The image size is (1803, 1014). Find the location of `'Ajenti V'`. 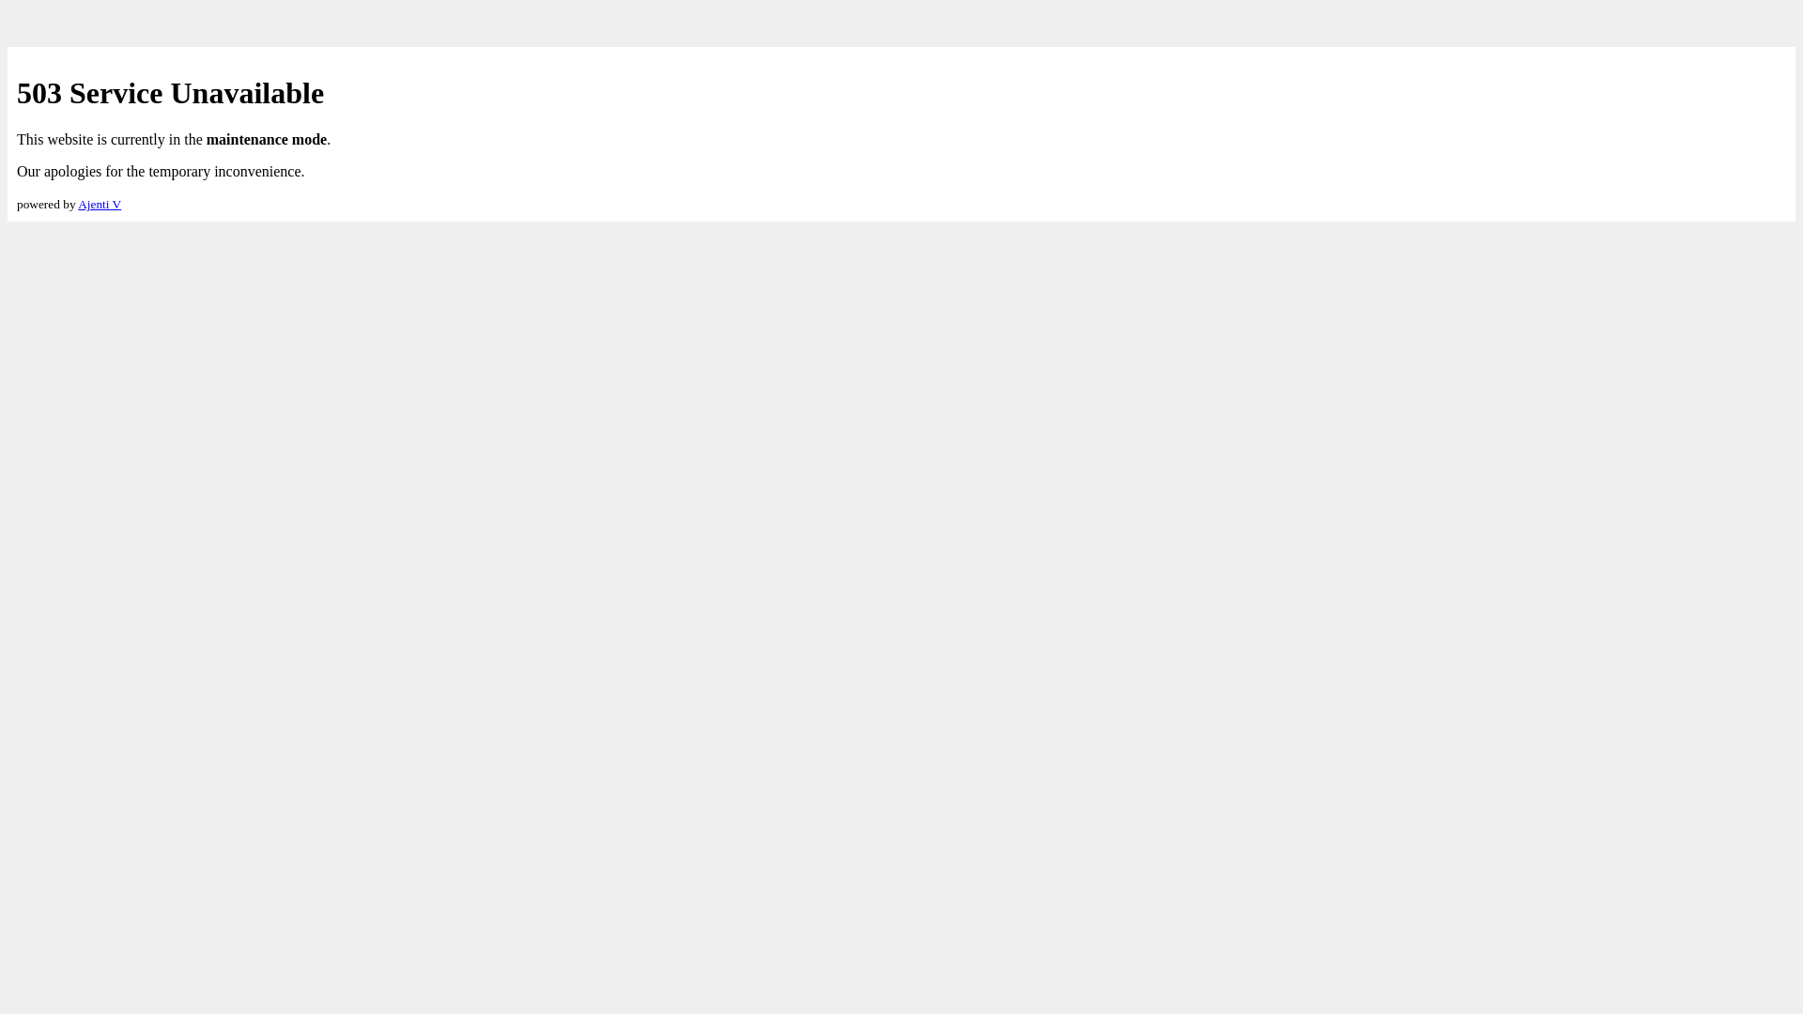

'Ajenti V' is located at coordinates (98, 204).